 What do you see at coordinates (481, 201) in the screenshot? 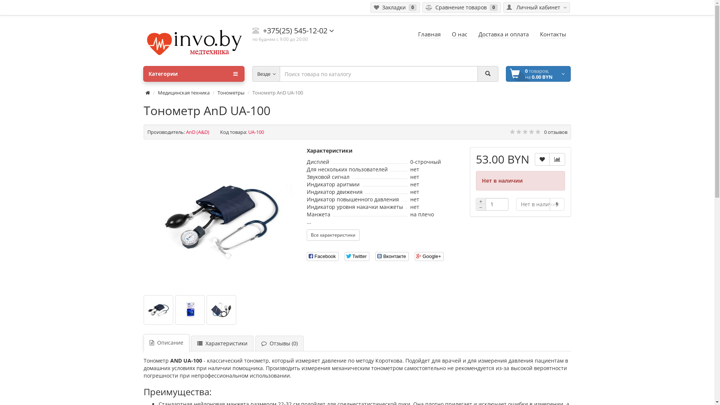
I see `'+'` at bounding box center [481, 201].